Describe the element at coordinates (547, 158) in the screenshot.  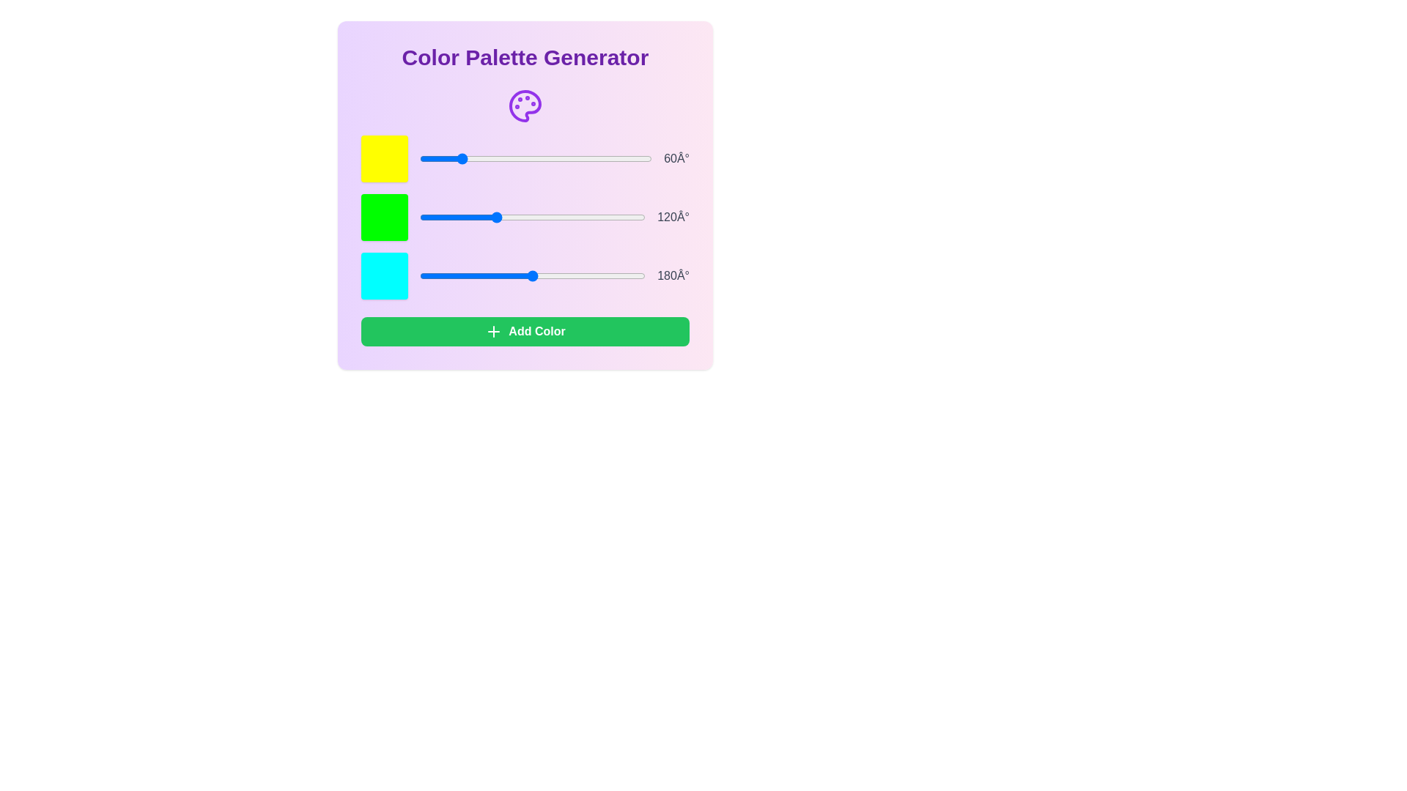
I see `the color slider to set the hue to 198` at that location.